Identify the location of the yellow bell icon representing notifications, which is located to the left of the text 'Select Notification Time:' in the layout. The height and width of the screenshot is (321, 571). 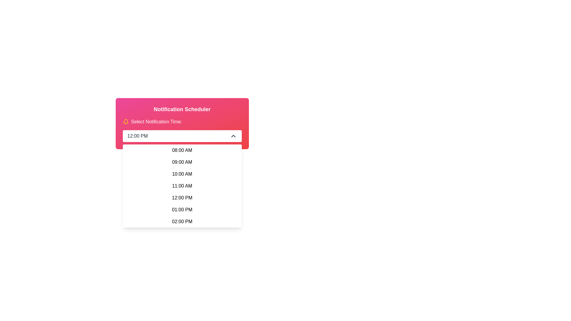
(125, 121).